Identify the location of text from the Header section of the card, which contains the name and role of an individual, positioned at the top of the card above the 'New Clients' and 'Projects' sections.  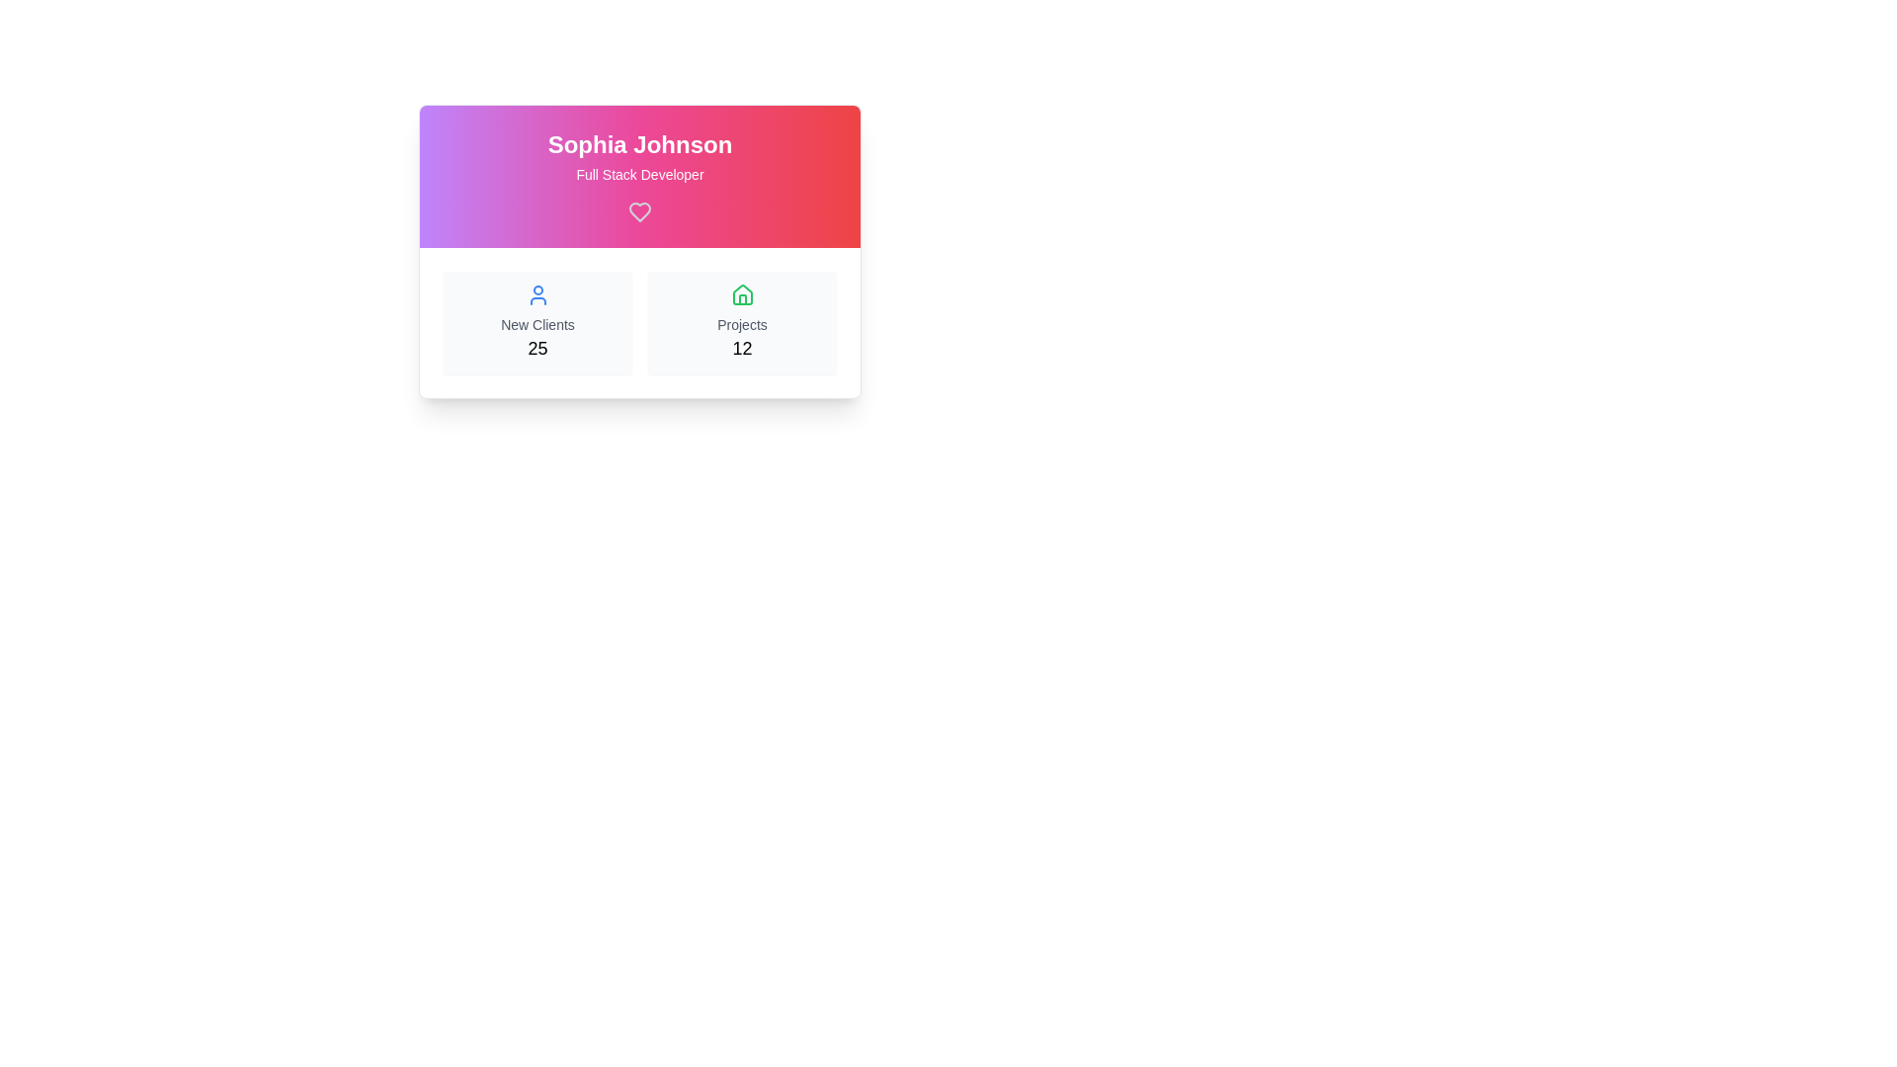
(640, 175).